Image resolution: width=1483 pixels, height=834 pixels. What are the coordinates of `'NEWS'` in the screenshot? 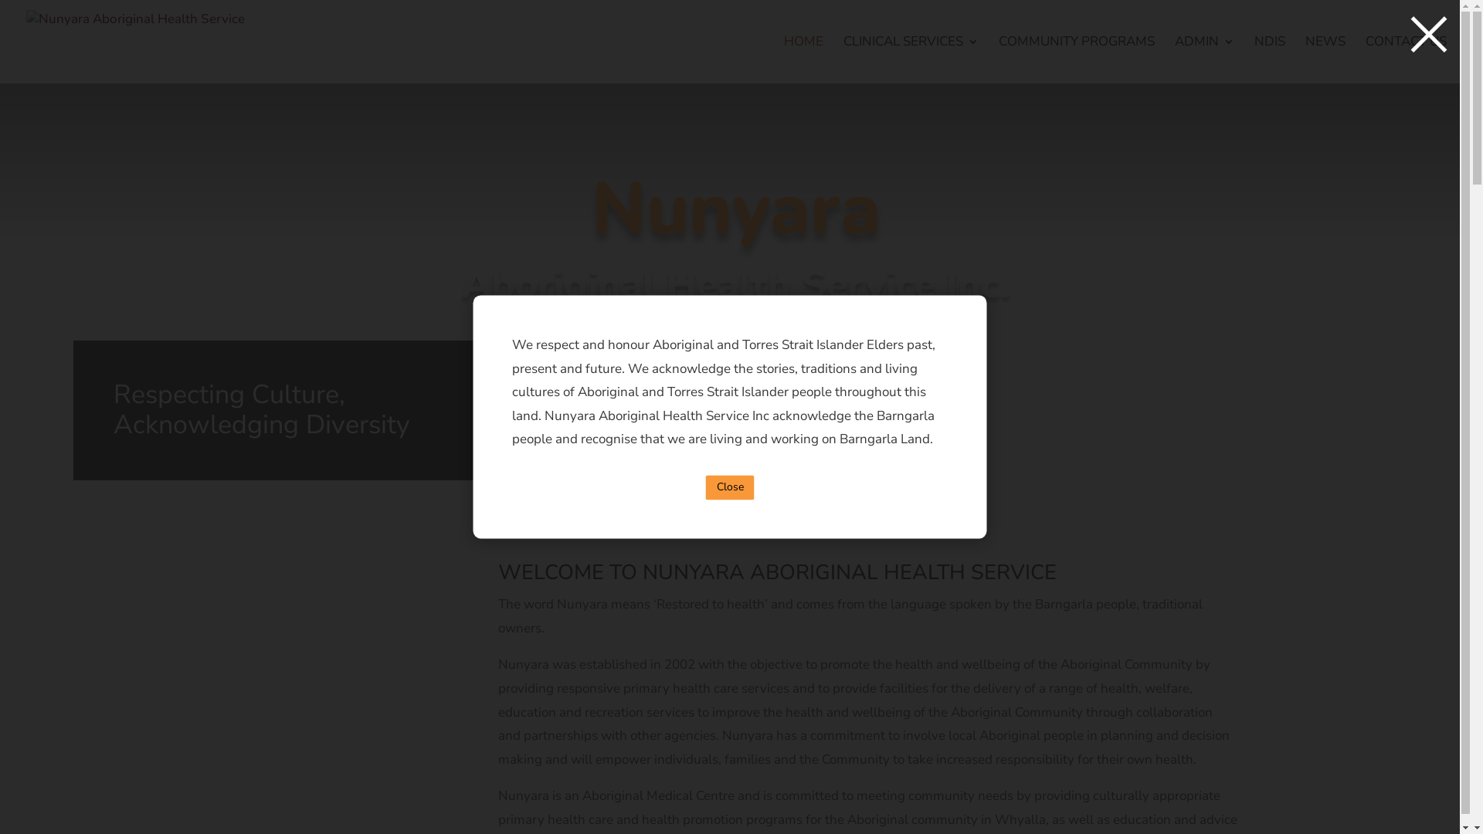 It's located at (1325, 59).